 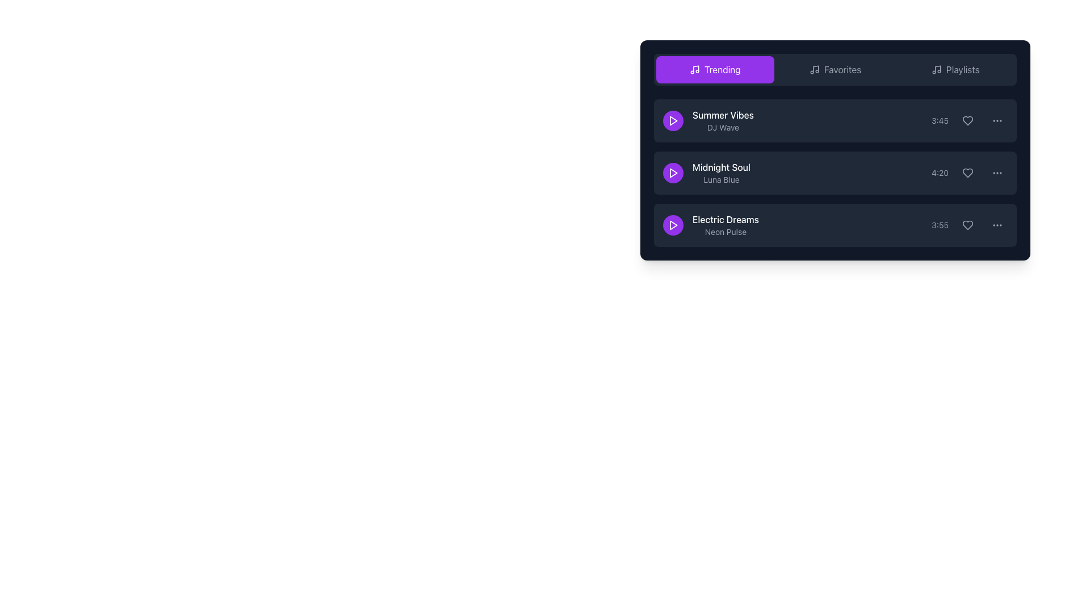 I want to click on the triangular play icon button located as the leftmost element in the first row of the track list under the 'Trending' tab, so click(x=673, y=120).